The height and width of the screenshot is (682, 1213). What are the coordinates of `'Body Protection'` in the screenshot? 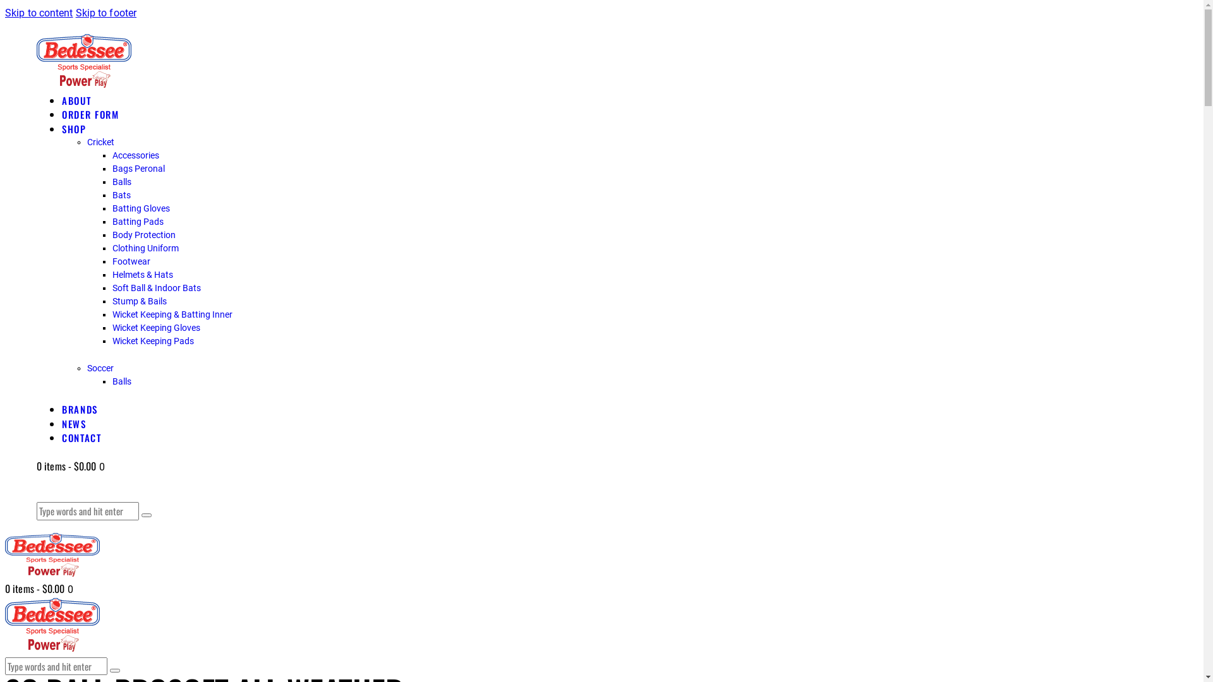 It's located at (112, 234).